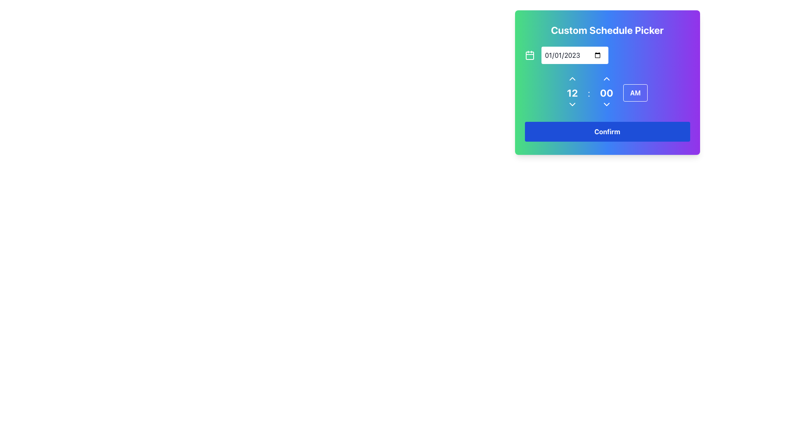 This screenshot has height=446, width=793. I want to click on the calendar icon component, which is a rounded rectangle with dimensions 18x18 and a corner radius of 2 units, located near the top left corner of the date input field in the custom schedule picker widget, so click(529, 56).